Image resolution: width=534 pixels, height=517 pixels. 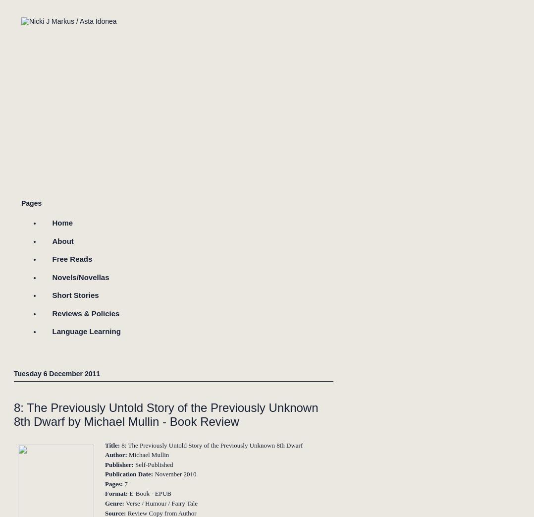 I want to click on 'November 2010', so click(x=174, y=473).